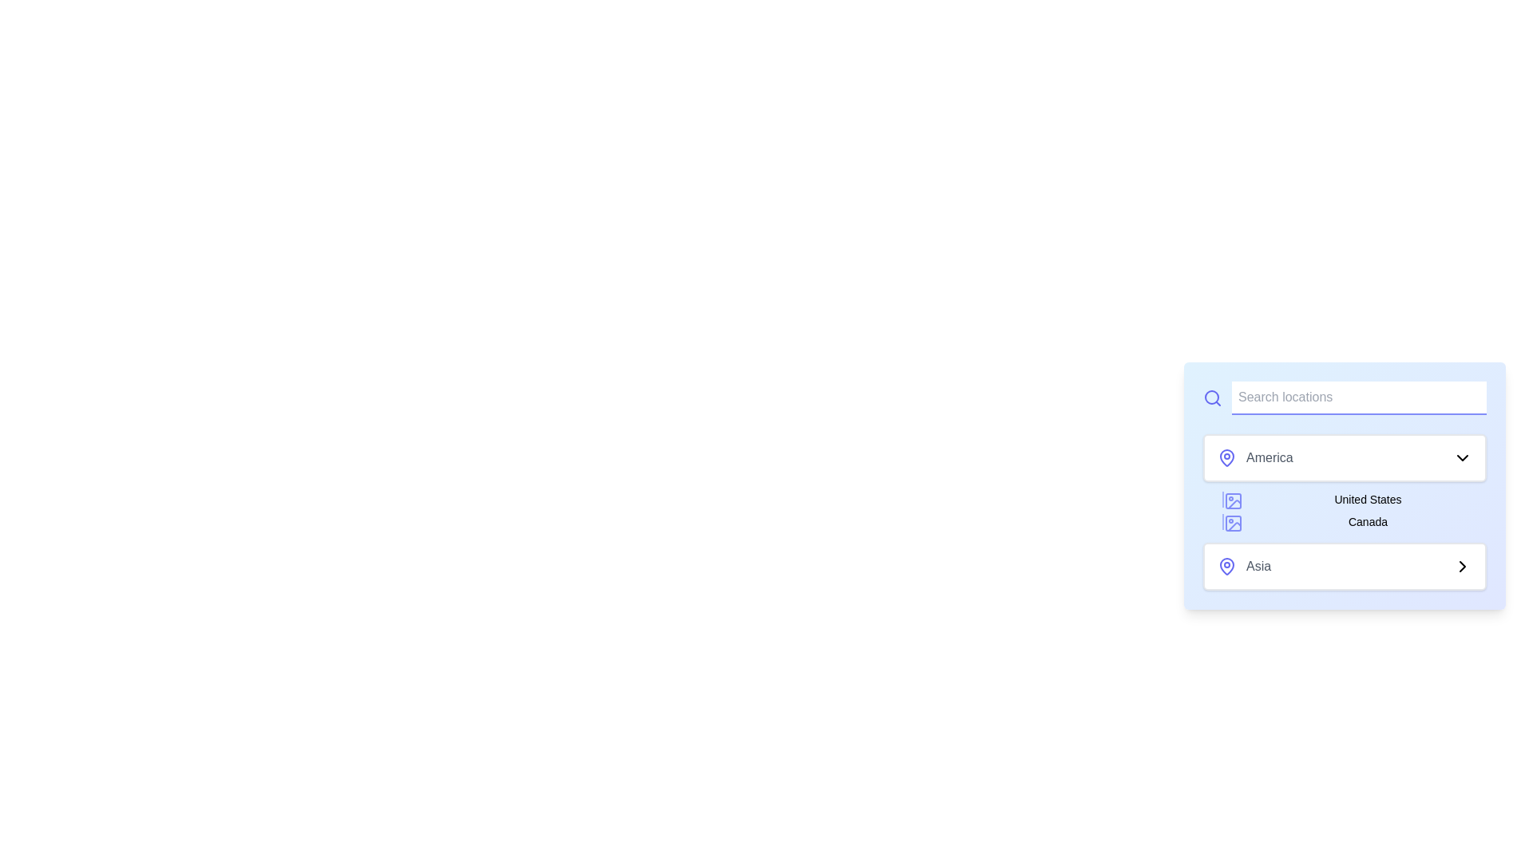 Image resolution: width=1533 pixels, height=862 pixels. Describe the element at coordinates (1463, 565) in the screenshot. I see `the SVG graphical arrow element located to the far right of the 'Asia' entry` at that location.